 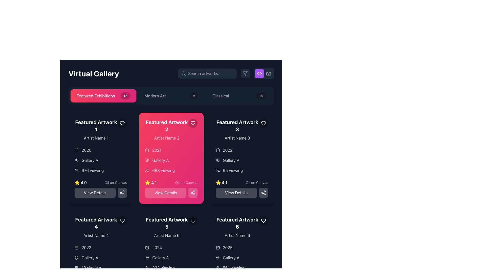 What do you see at coordinates (245, 73) in the screenshot?
I see `the filter button located in the top right toolbar, positioned to the left of the eye-shaped button with a purple background` at bounding box center [245, 73].